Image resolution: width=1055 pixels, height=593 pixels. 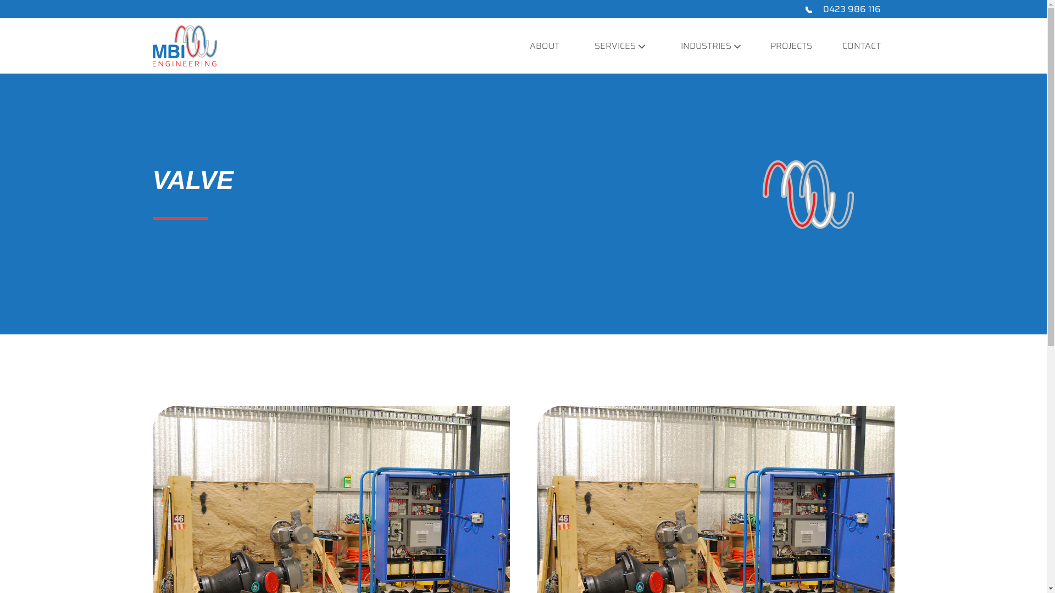 What do you see at coordinates (544, 45) in the screenshot?
I see `'ABOUT'` at bounding box center [544, 45].